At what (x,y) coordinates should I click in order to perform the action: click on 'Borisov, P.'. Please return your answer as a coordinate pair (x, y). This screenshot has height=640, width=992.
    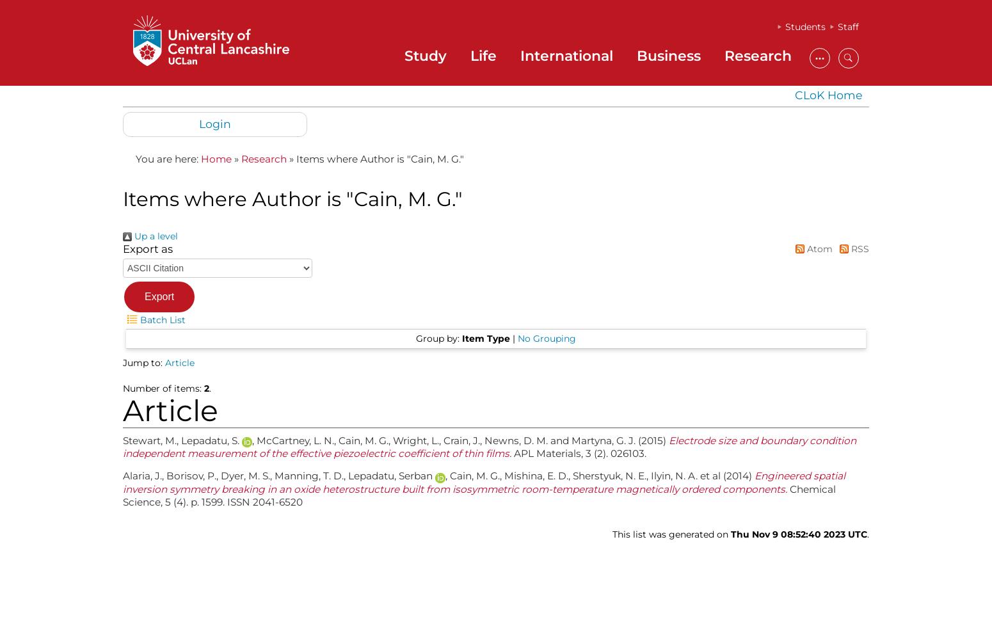
    Looking at the image, I should click on (191, 475).